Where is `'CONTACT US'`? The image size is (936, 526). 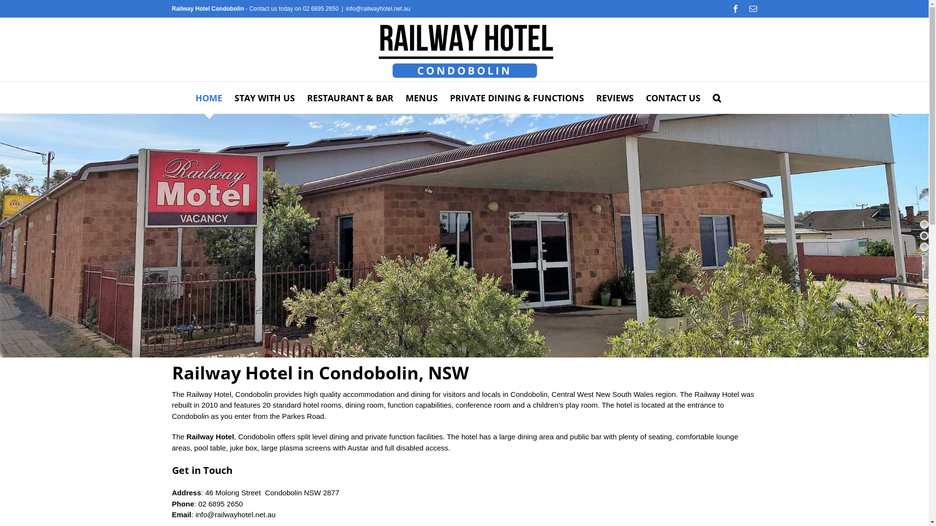
'CONTACT US' is located at coordinates (673, 97).